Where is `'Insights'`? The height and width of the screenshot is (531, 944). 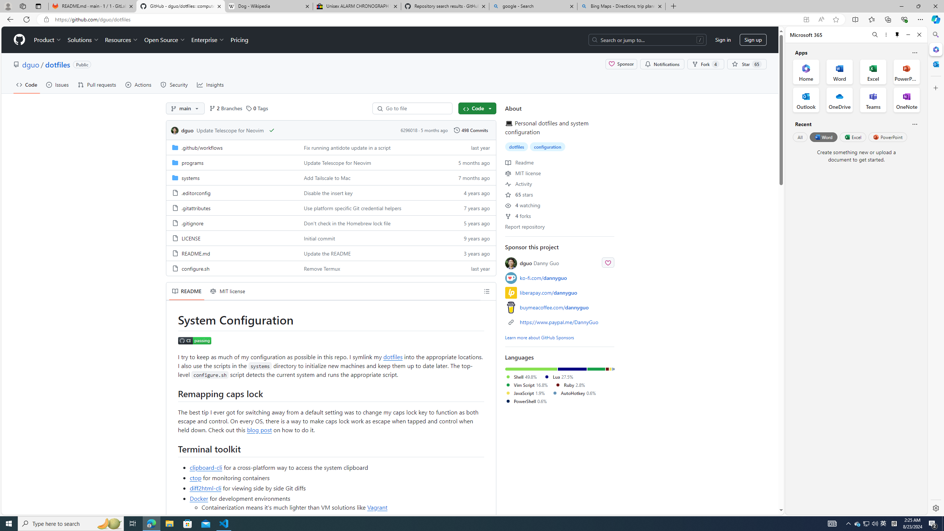 'Insights' is located at coordinates (210, 84).